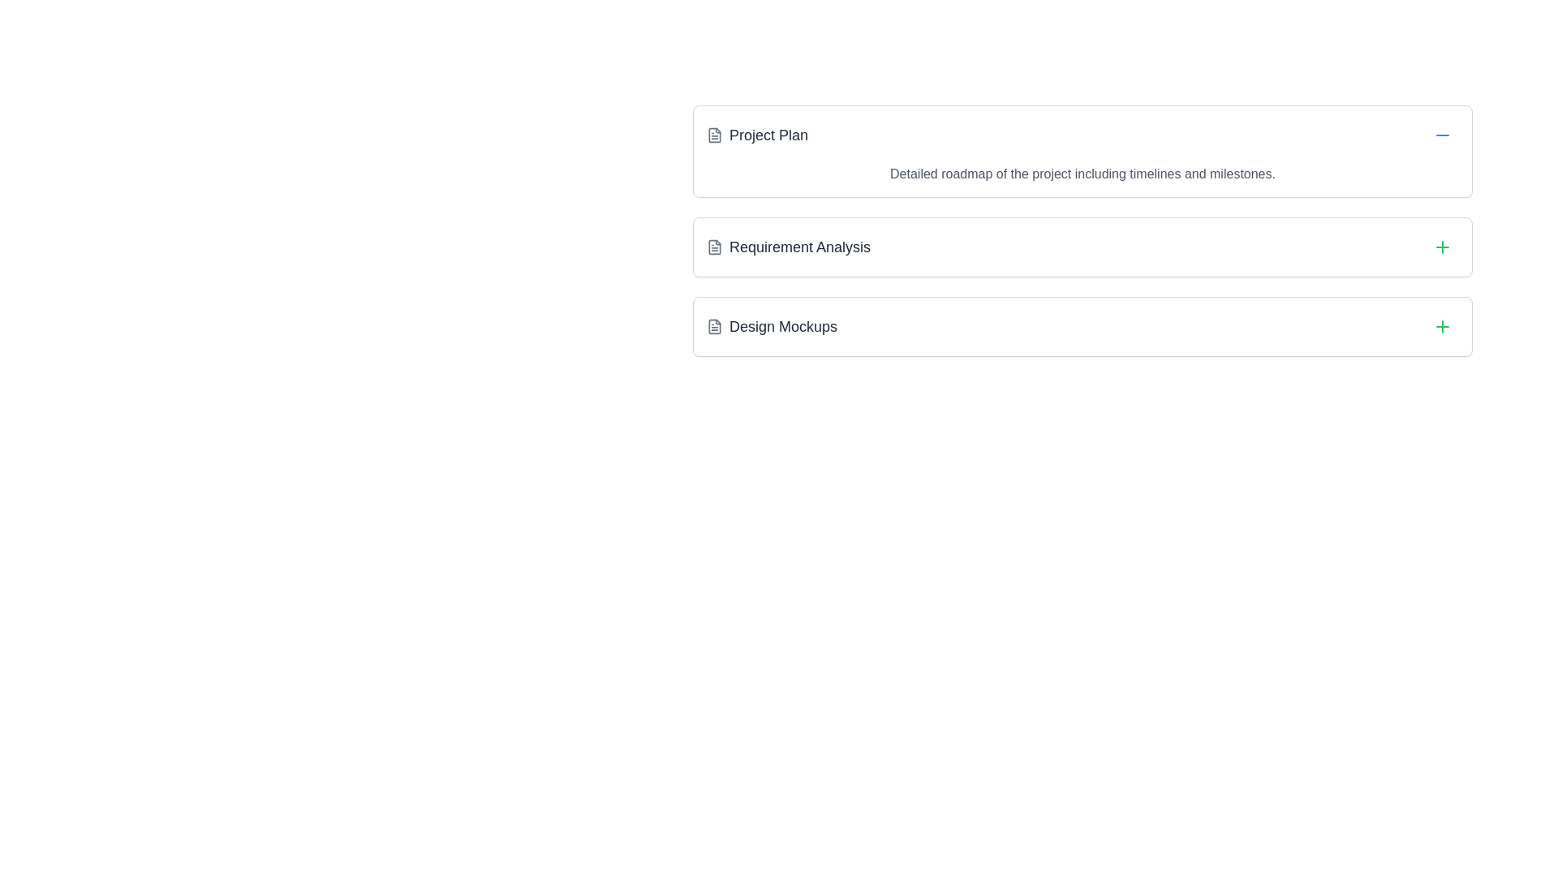 This screenshot has height=876, width=1558. What do you see at coordinates (714, 134) in the screenshot?
I see `the document file icon located at the leftmost side of the 'Project Plan' section, which features a gray, minimalist design` at bounding box center [714, 134].